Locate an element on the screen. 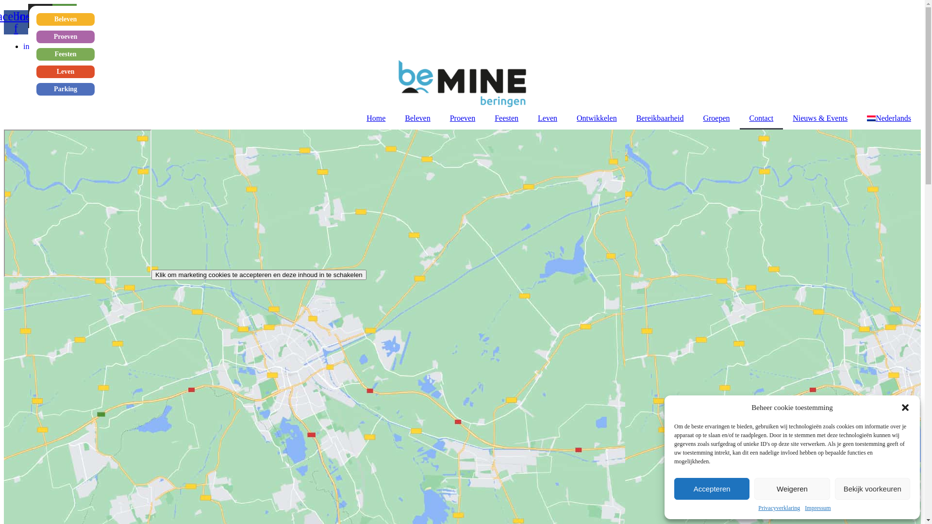 This screenshot has height=524, width=932. 'beMine' is located at coordinates (77, 202).